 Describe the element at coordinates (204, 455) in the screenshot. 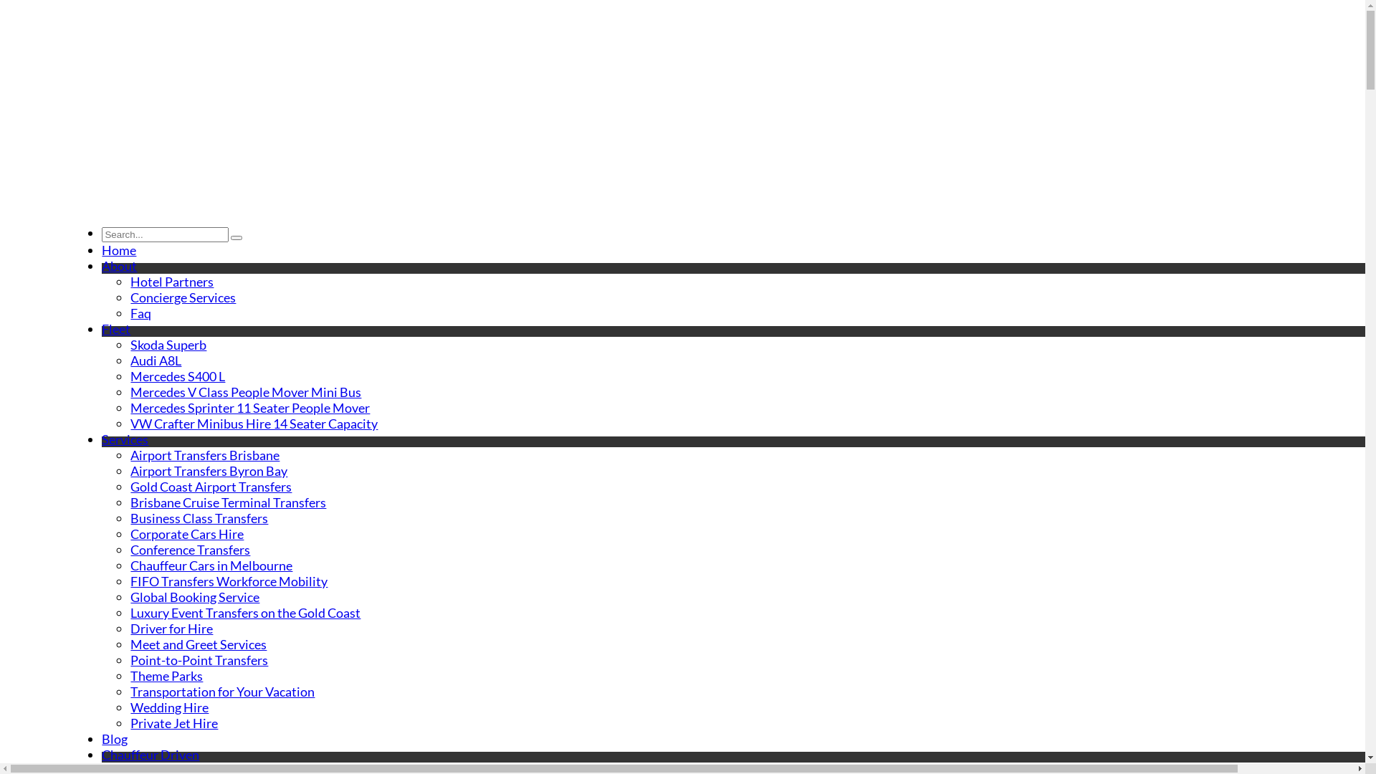

I see `'Airport Transfers Brisbane'` at that location.